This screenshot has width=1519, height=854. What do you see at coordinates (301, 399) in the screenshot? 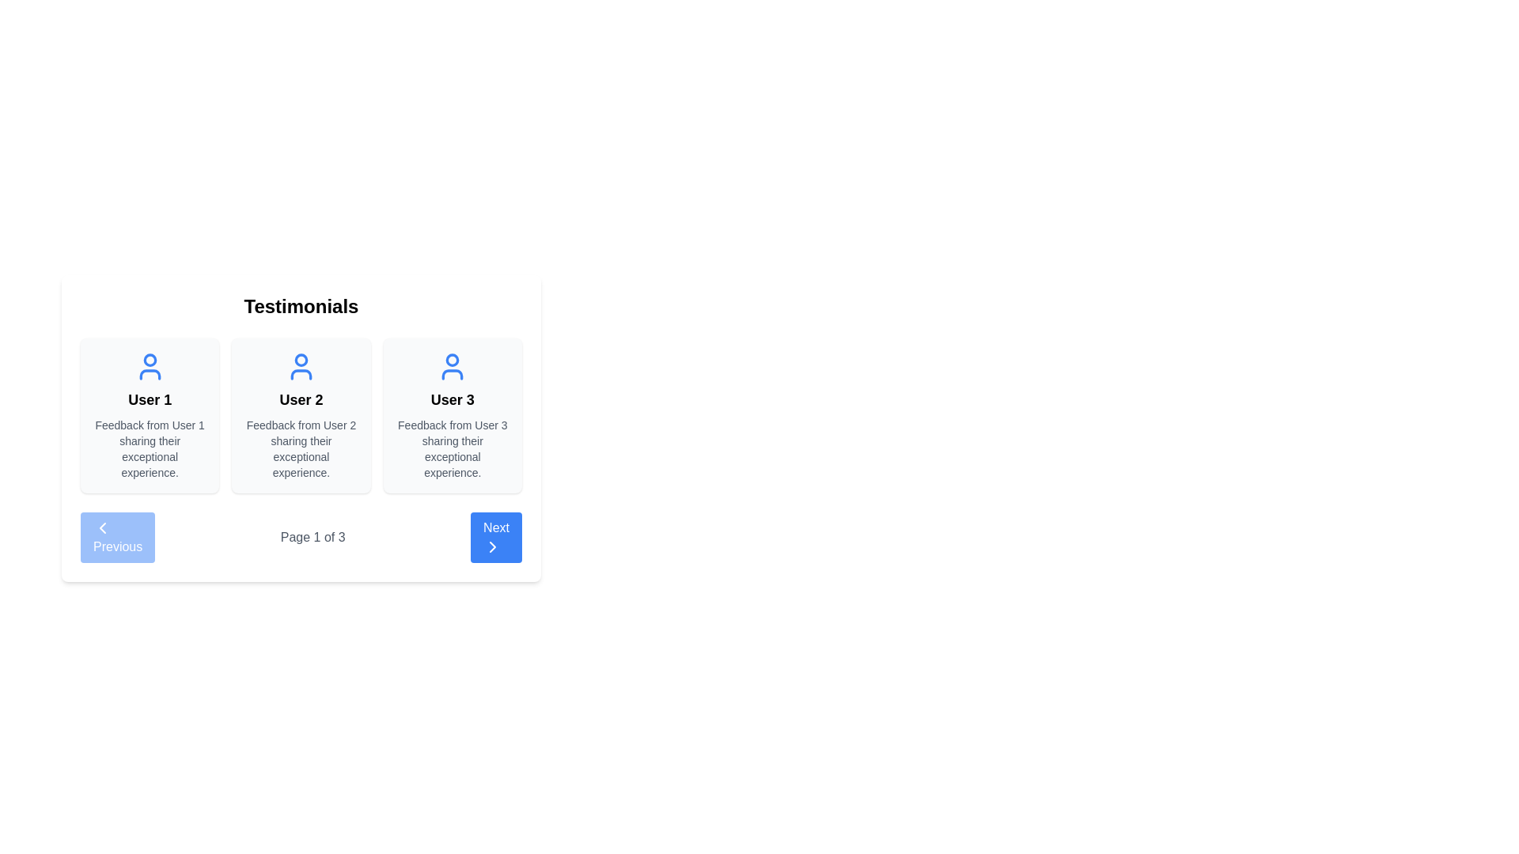
I see `the text element that identifies the user testimonial section labeled 'User 2', which is positioned directly under the user icon associated with 'User 2'` at bounding box center [301, 399].